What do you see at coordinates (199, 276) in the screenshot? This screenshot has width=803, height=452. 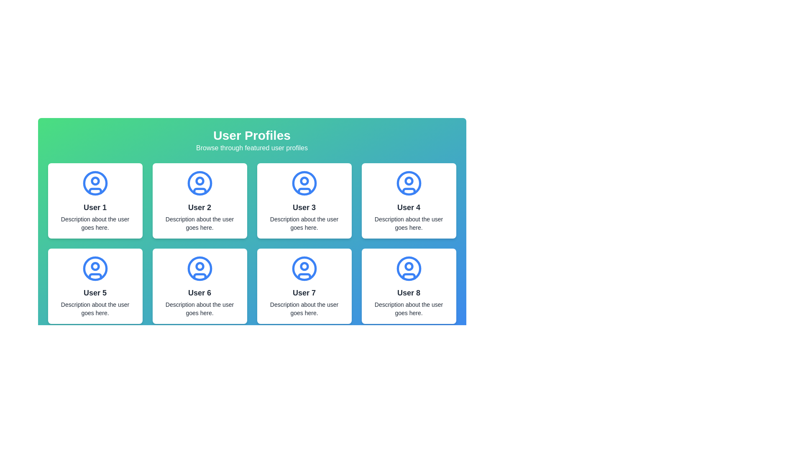 I see `the semicircular arc shape at the bottom part of the user icon for 'User 6', which is styled with a blue stroke` at bounding box center [199, 276].